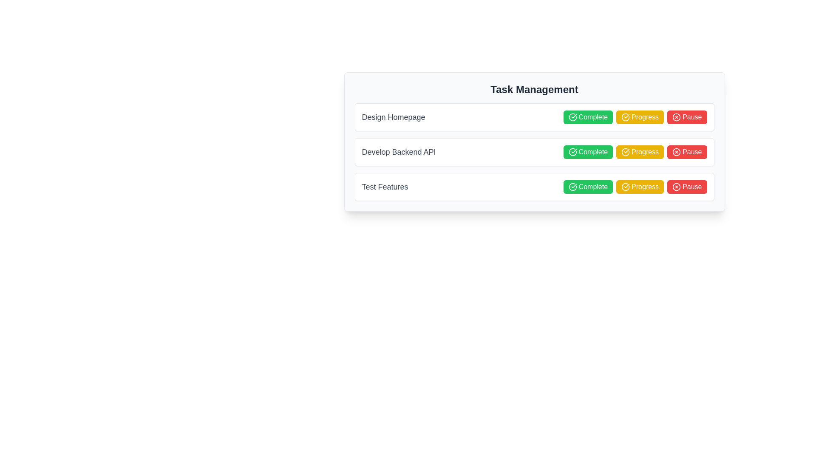 The width and height of the screenshot is (816, 459). What do you see at coordinates (587, 186) in the screenshot?
I see `the leftmost button in the 'Test Features' row to mark the task as completed` at bounding box center [587, 186].